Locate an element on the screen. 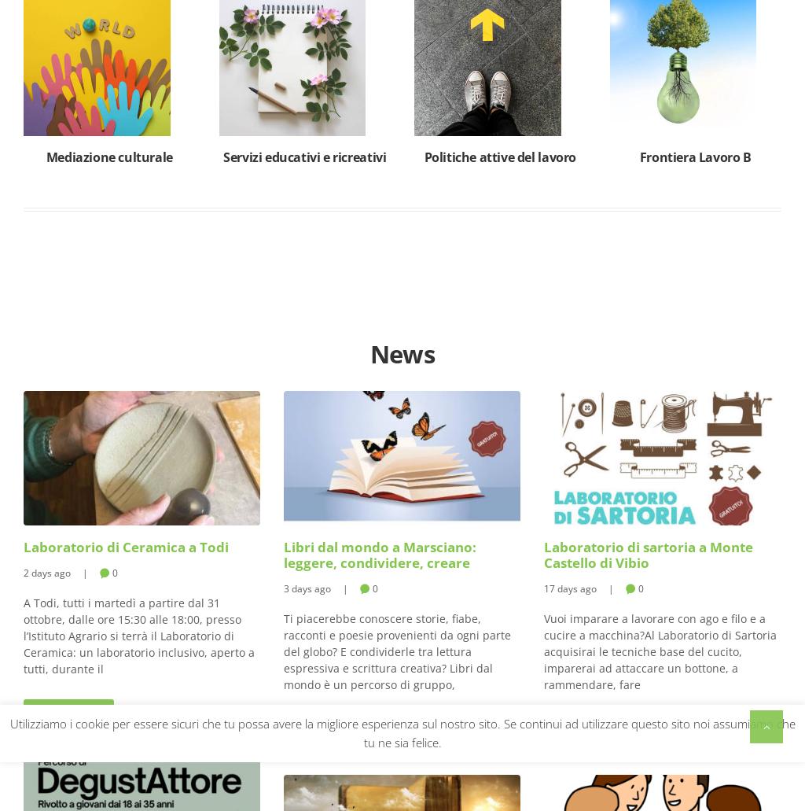 The height and width of the screenshot is (811, 805). 'Laboratorio di sartoria a Monte Castello di Vibio' is located at coordinates (544, 554).